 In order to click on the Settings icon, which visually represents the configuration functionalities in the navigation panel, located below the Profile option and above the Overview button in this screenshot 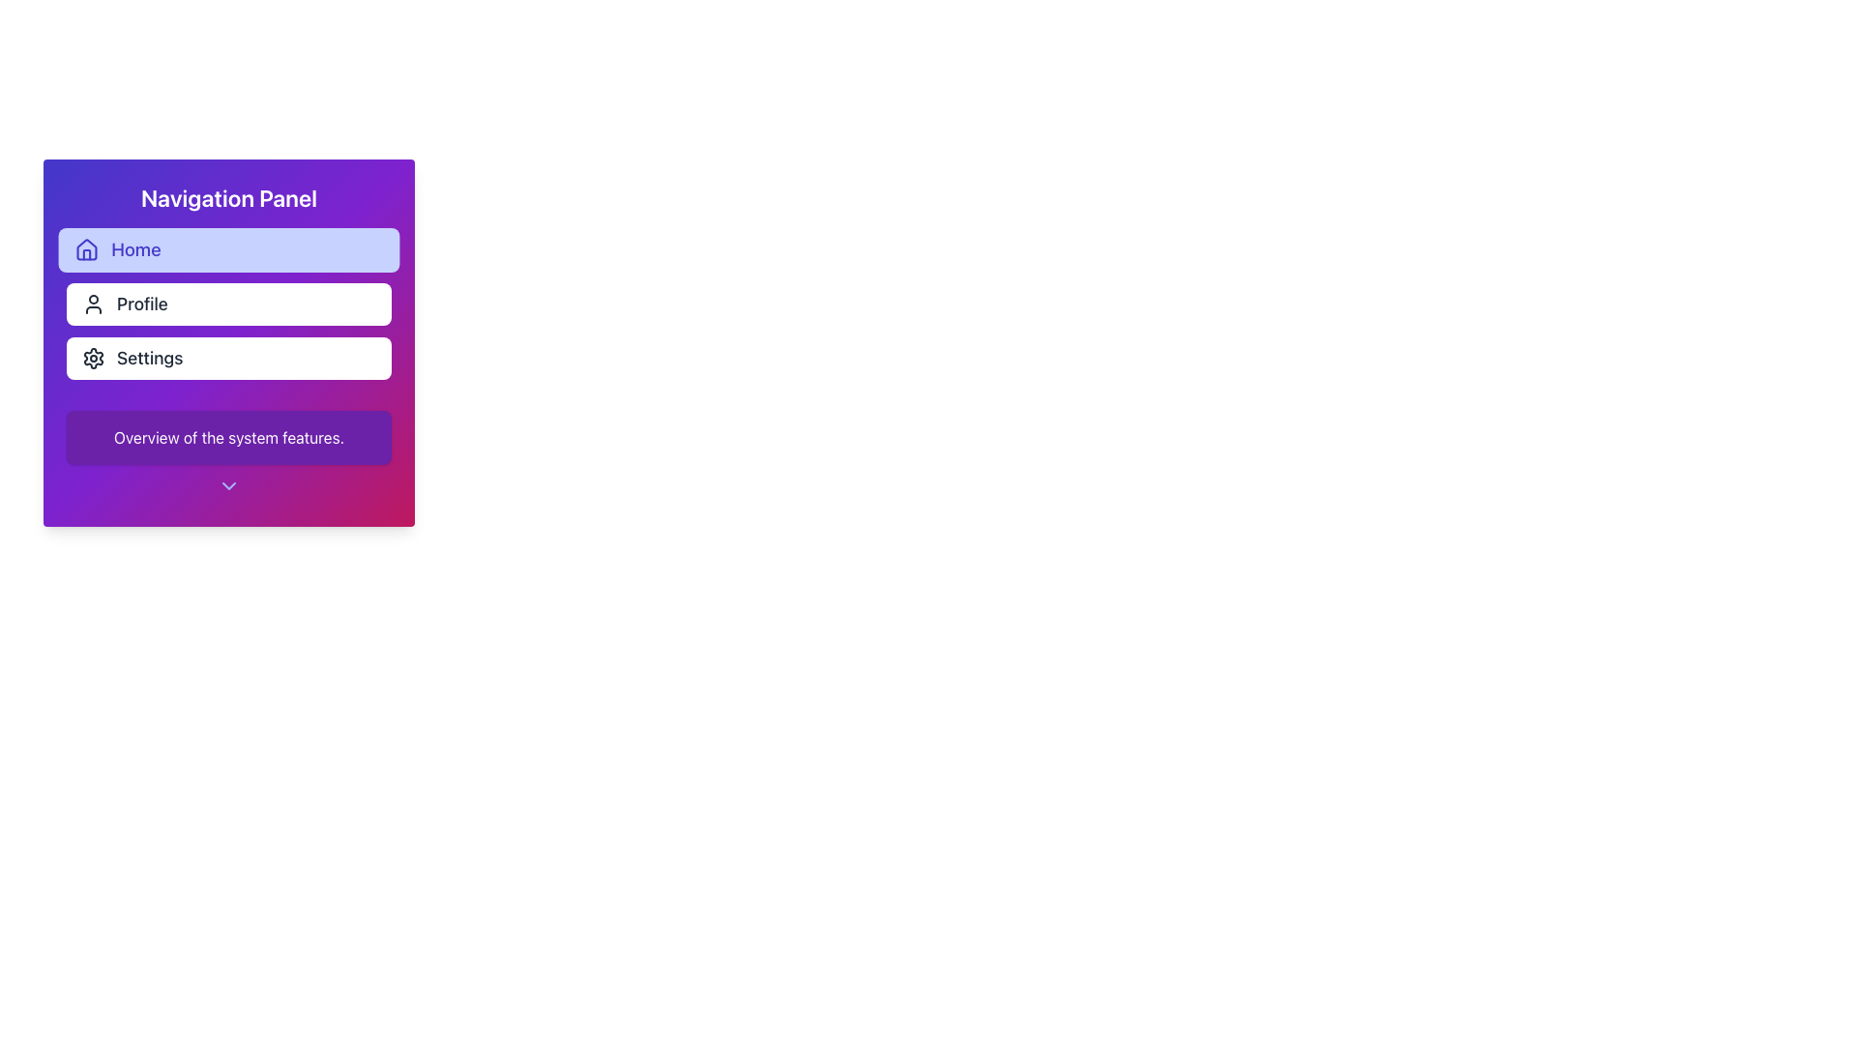, I will do `click(92, 358)`.